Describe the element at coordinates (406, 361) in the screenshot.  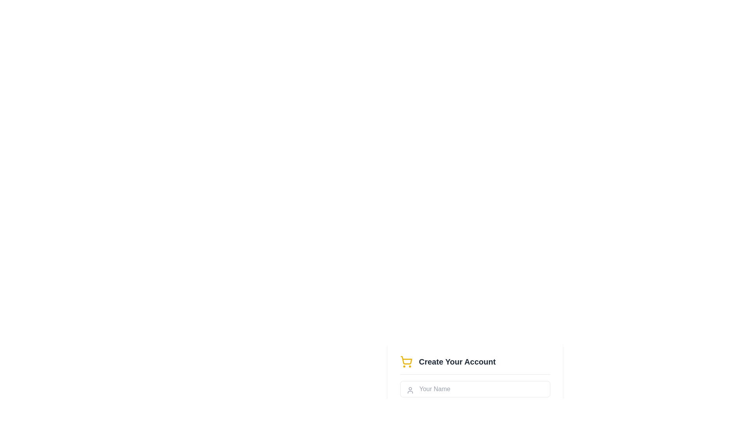
I see `the decorative shopping cart icon representing account creation, located to the left of the 'Create Your Account' text` at that location.